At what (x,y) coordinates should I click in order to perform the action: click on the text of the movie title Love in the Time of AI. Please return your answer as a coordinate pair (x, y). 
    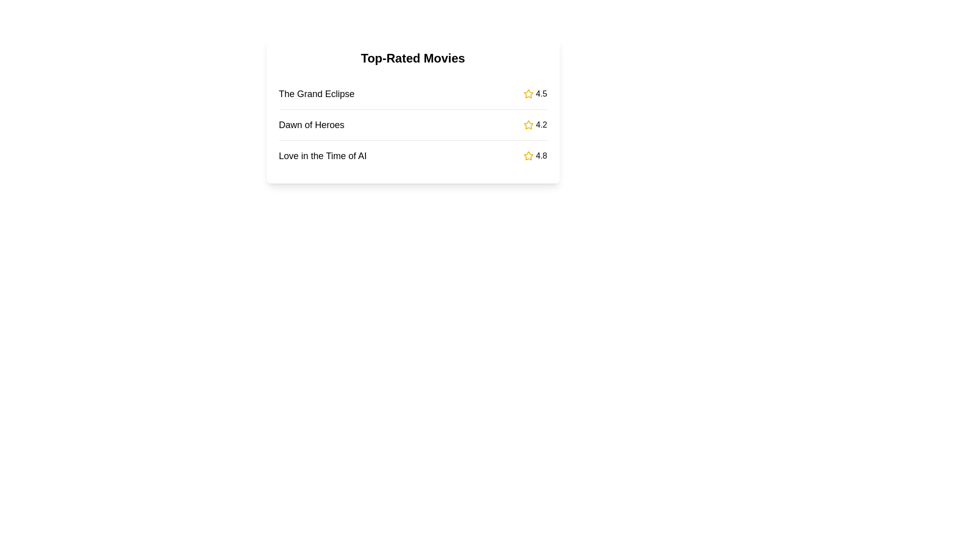
    Looking at the image, I should click on (322, 156).